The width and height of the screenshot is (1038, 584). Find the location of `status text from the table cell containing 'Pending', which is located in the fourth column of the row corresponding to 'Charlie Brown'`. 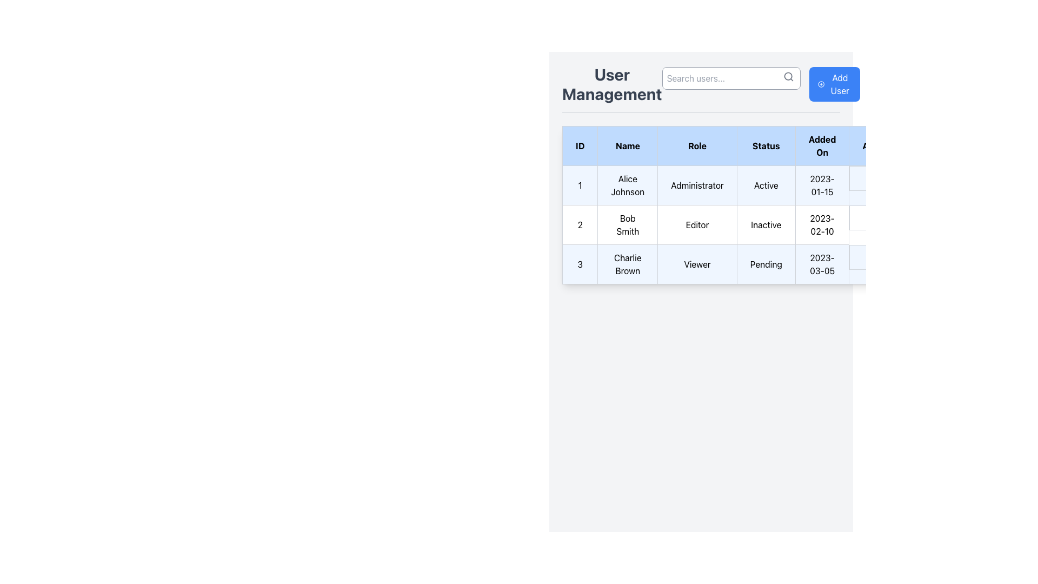

status text from the table cell containing 'Pending', which is located in the fourth column of the row corresponding to 'Charlie Brown' is located at coordinates (766, 264).